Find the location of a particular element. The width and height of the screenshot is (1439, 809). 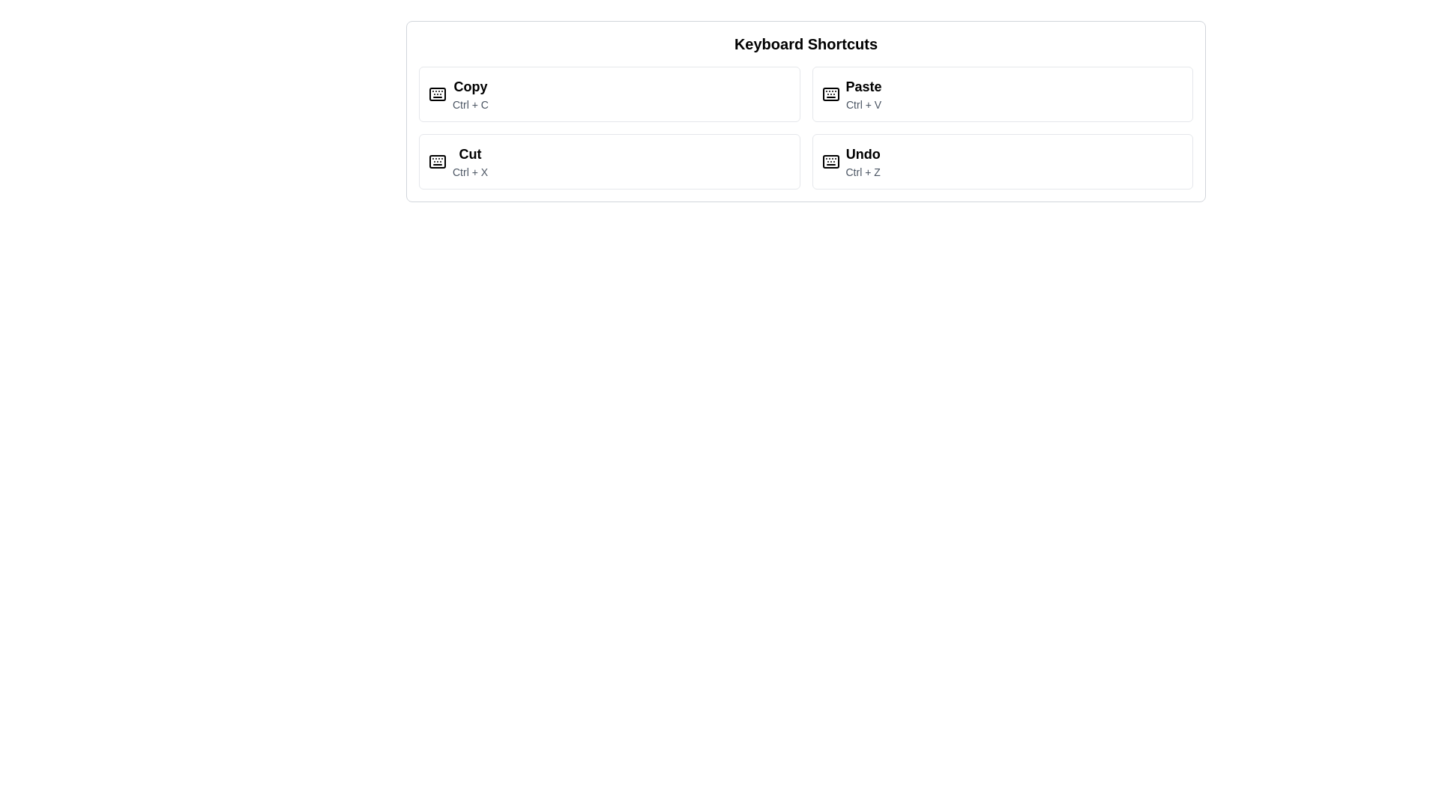

the keyboard shortcut icon located to the left of the 'Undo' label and 'Ctrl + Z' within the 'Undo' button on the right side of the interface is located at coordinates (830, 162).